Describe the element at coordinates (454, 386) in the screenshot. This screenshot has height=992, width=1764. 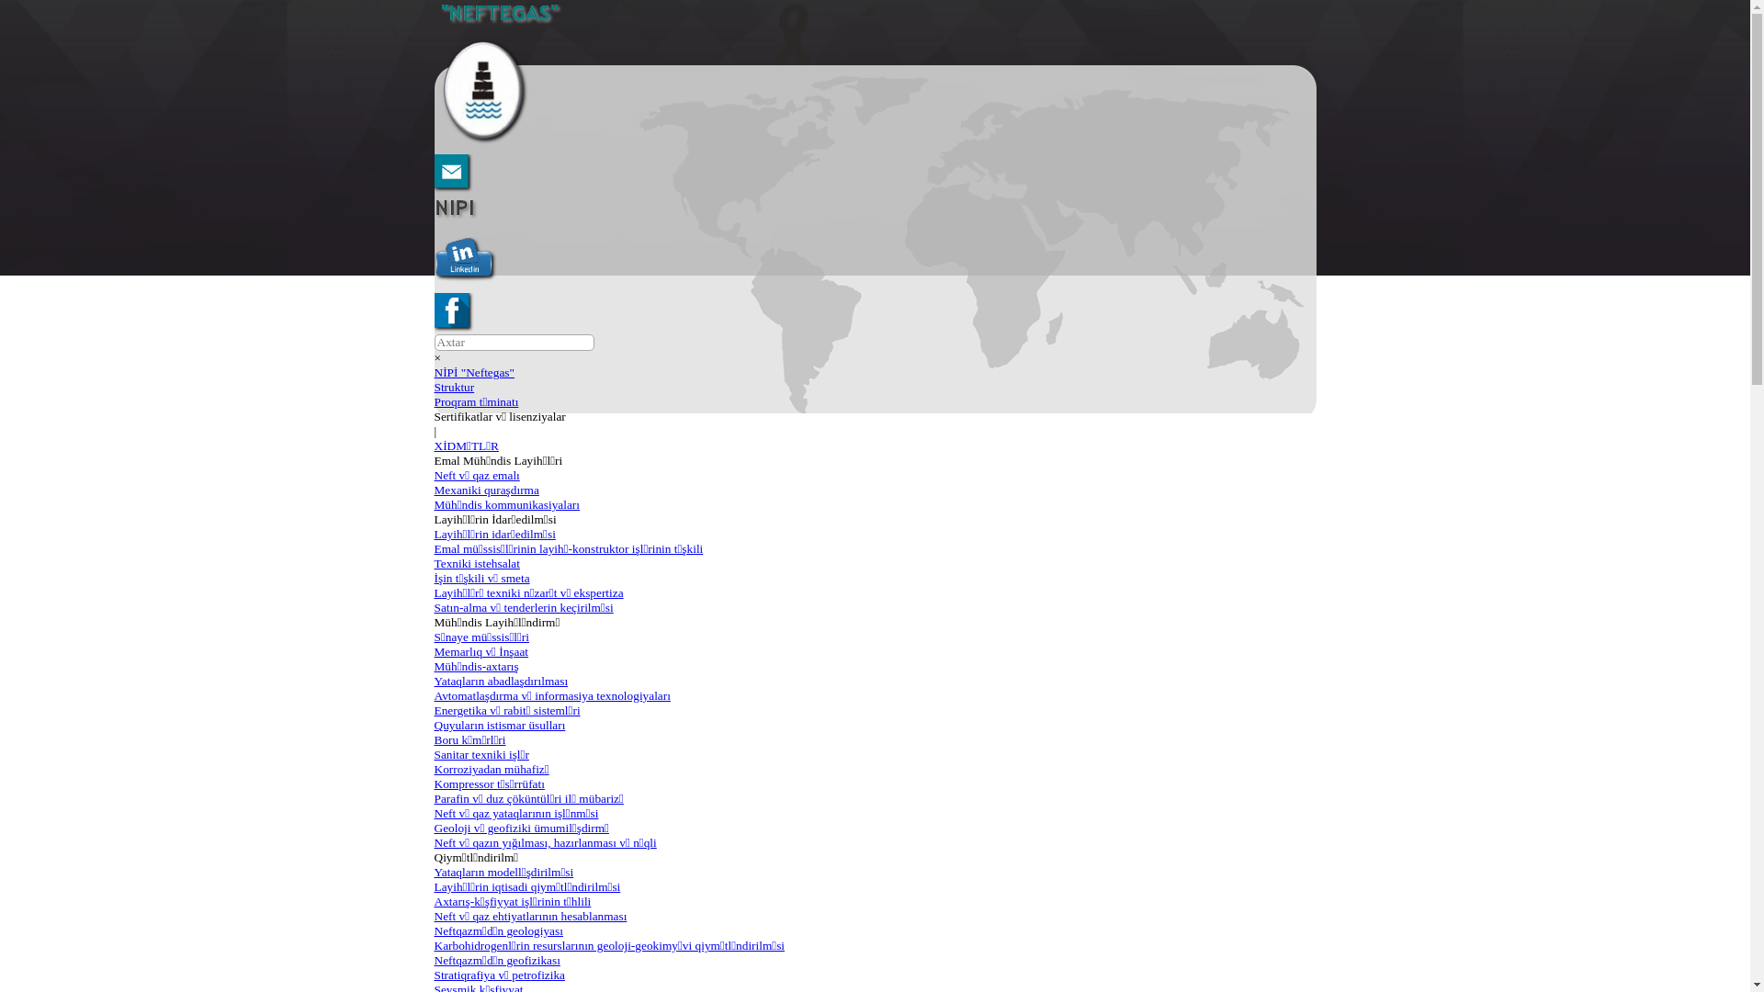
I see `'Struktur'` at that location.